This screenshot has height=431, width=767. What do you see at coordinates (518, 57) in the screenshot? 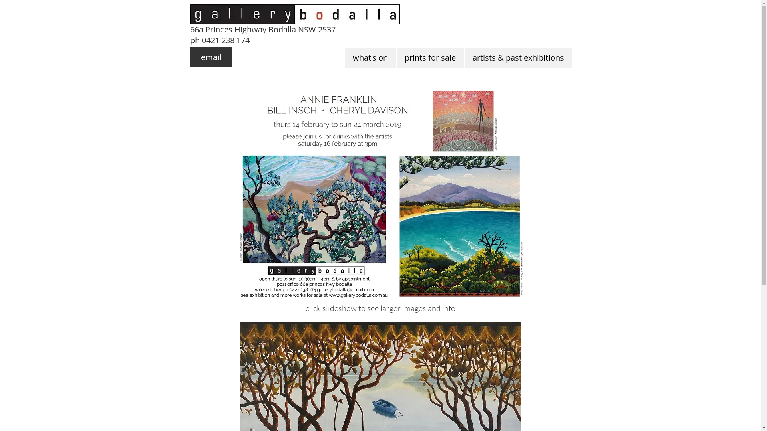
I see `'artists & past exhibitions'` at bounding box center [518, 57].